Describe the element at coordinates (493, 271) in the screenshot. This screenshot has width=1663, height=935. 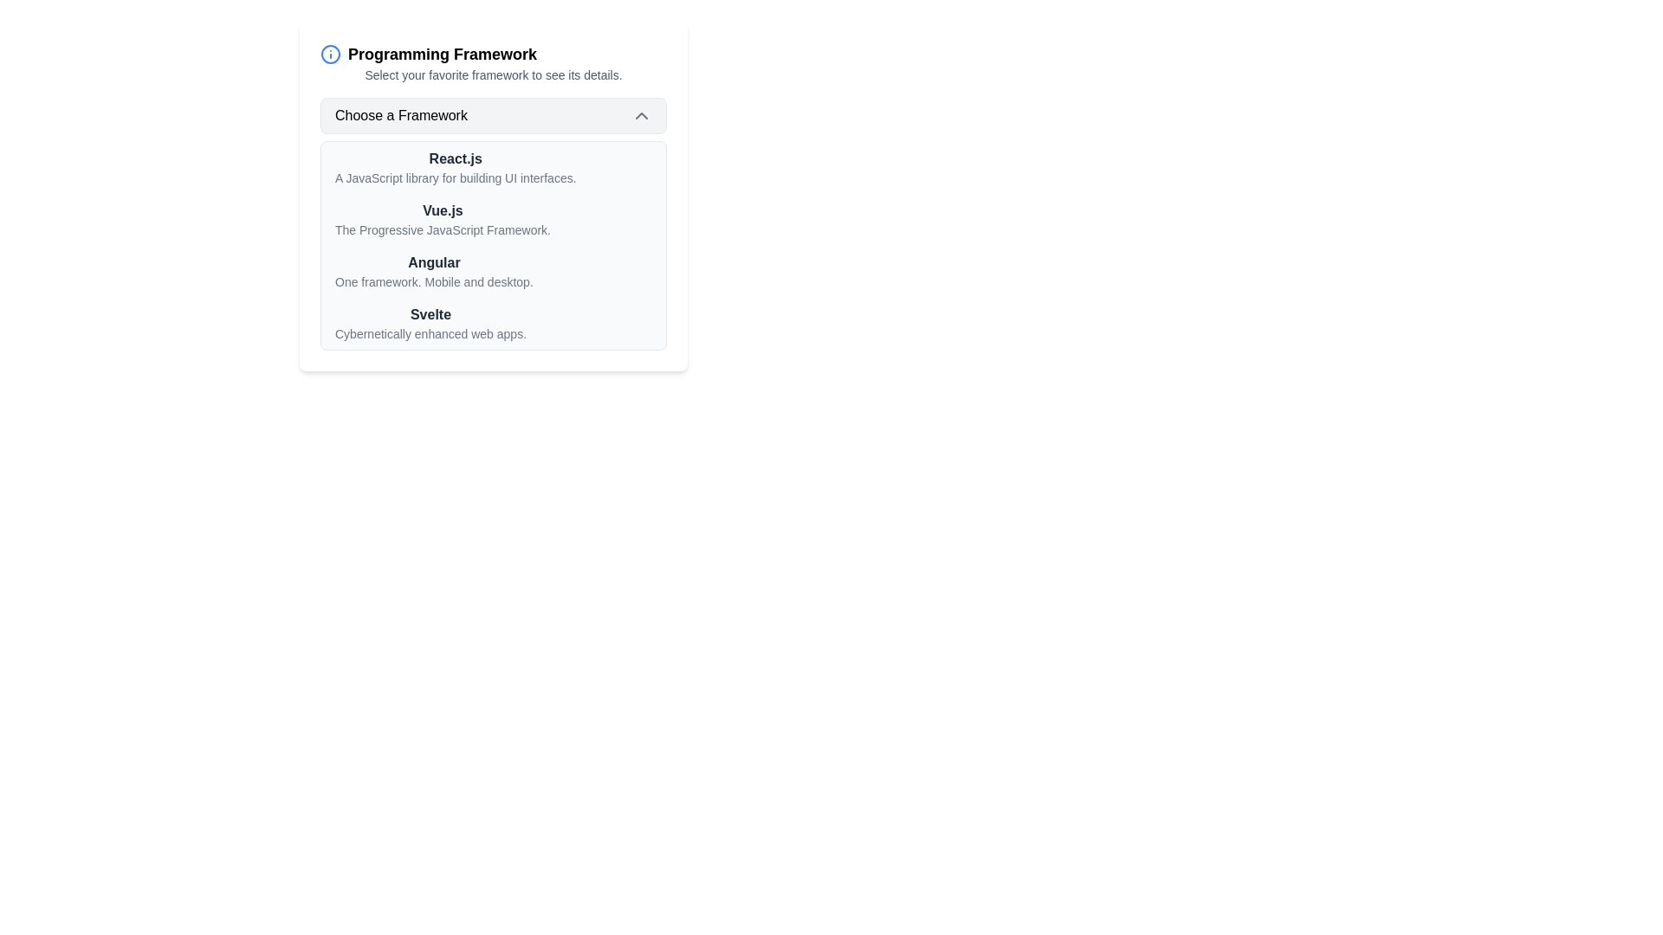
I see `the third item in the selection menu representing the Angular framework` at that location.